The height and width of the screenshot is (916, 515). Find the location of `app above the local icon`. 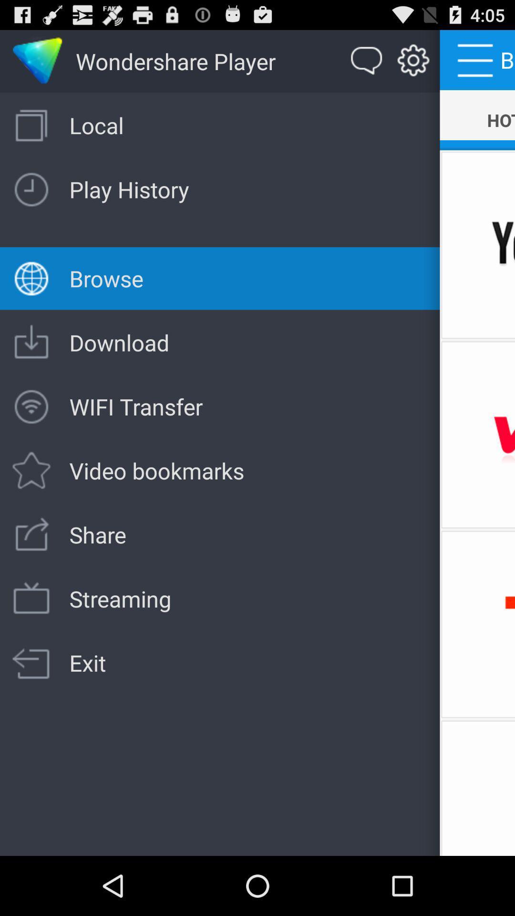

app above the local icon is located at coordinates (413, 61).